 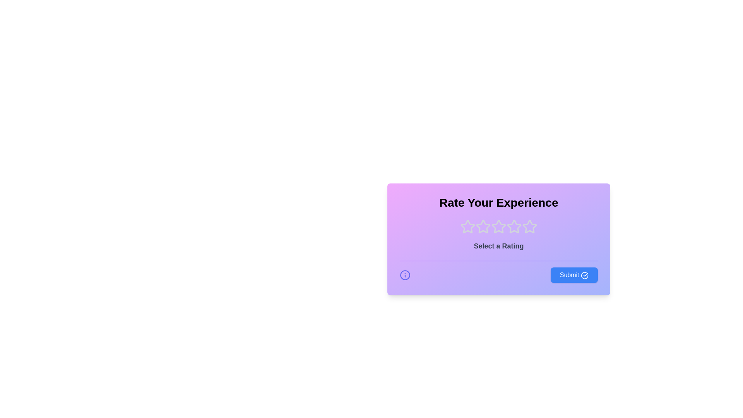 I want to click on the star corresponding to 3 rating, so click(x=499, y=226).